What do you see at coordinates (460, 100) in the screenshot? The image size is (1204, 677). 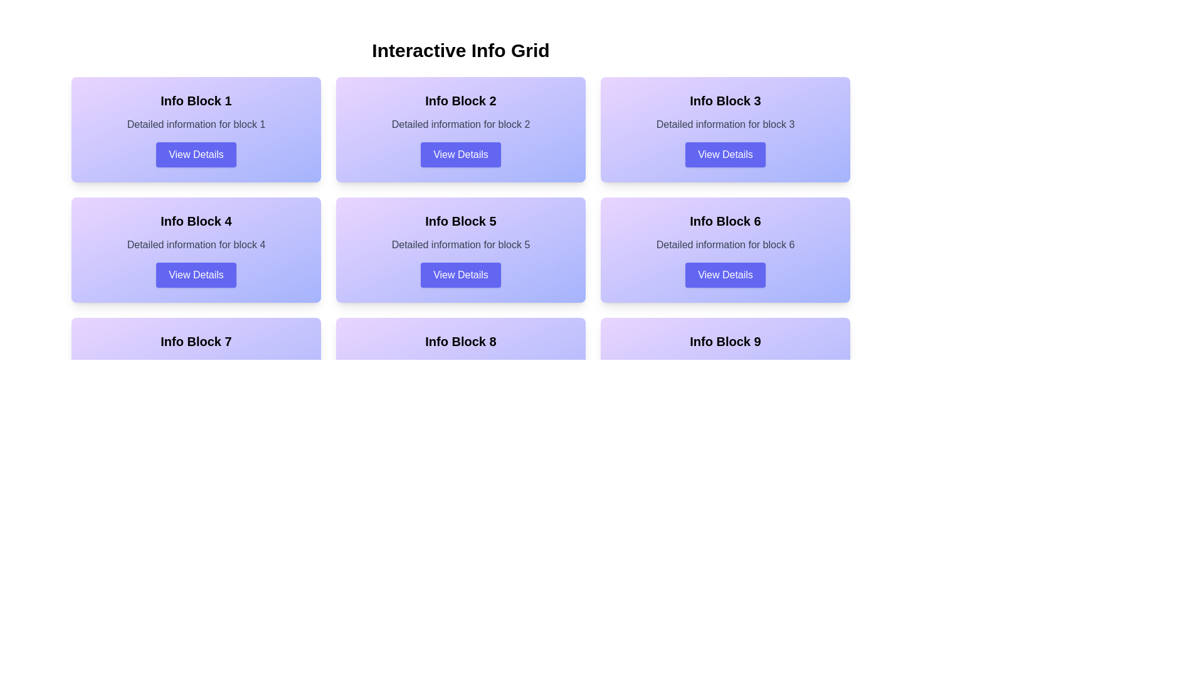 I see `the text label with the text 'Info Block 2', which is a bold and large heading styled element located in the top row, second column of a 3x3 grid` at bounding box center [460, 100].